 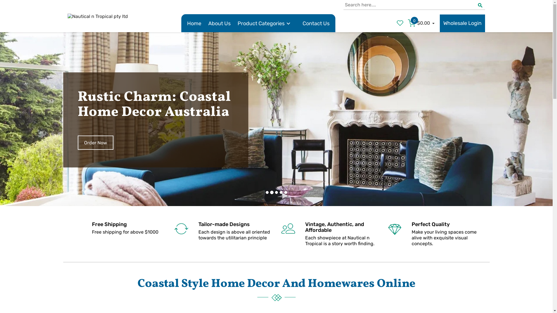 What do you see at coordinates (187, 23) in the screenshot?
I see `'Home'` at bounding box center [187, 23].